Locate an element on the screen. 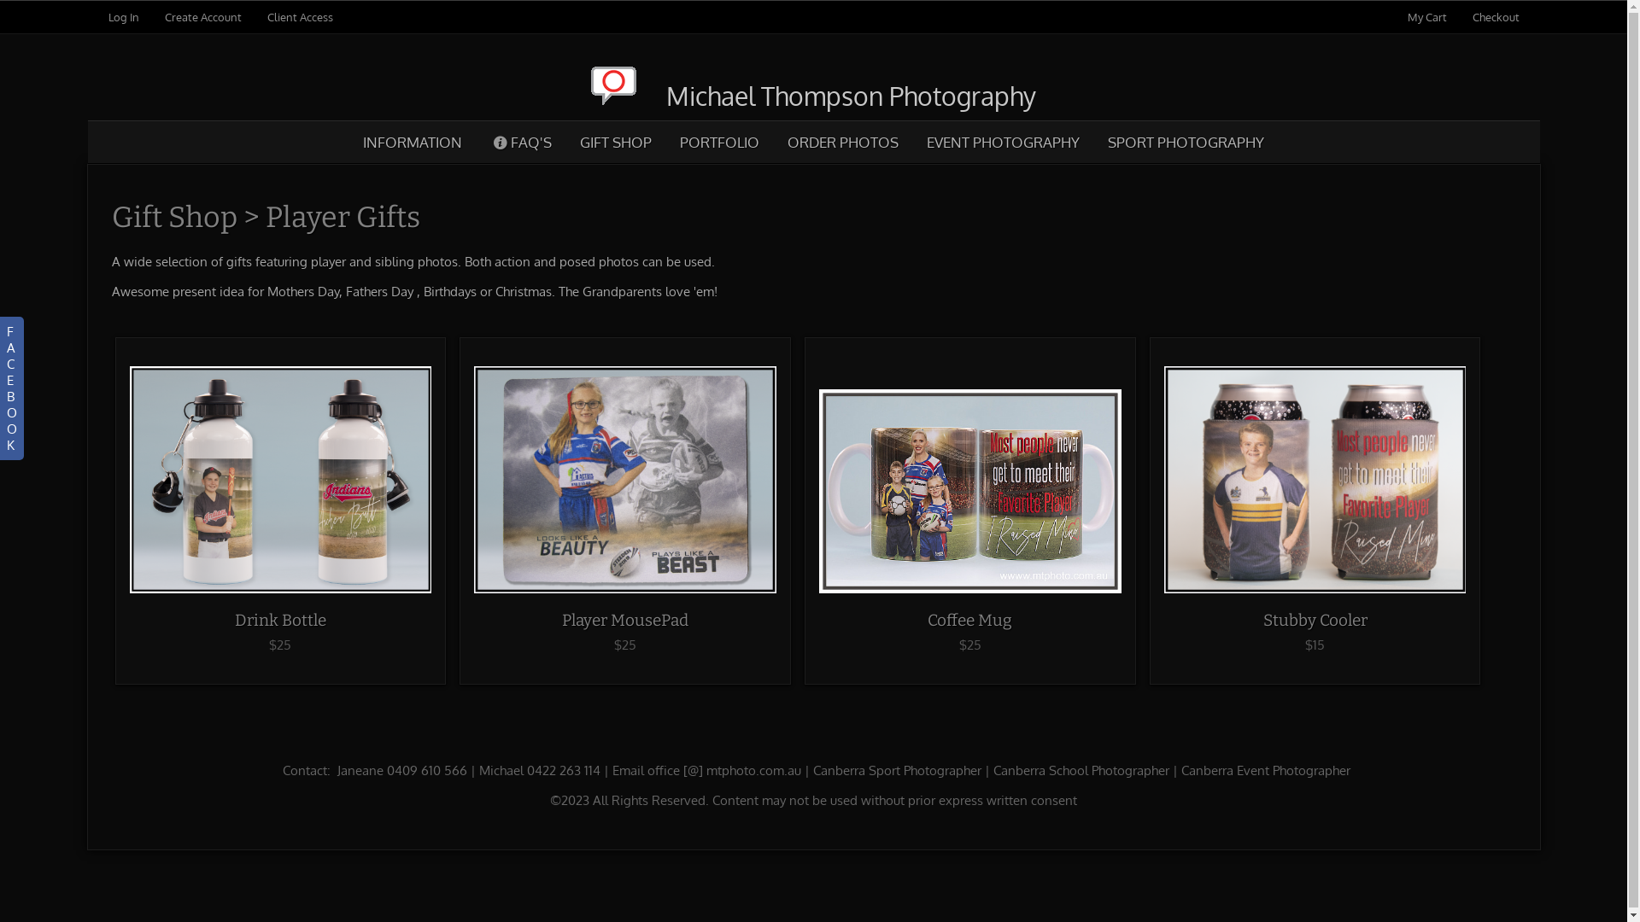 The width and height of the screenshot is (1640, 922). '    Michael Thompson Photography' is located at coordinates (812, 95).